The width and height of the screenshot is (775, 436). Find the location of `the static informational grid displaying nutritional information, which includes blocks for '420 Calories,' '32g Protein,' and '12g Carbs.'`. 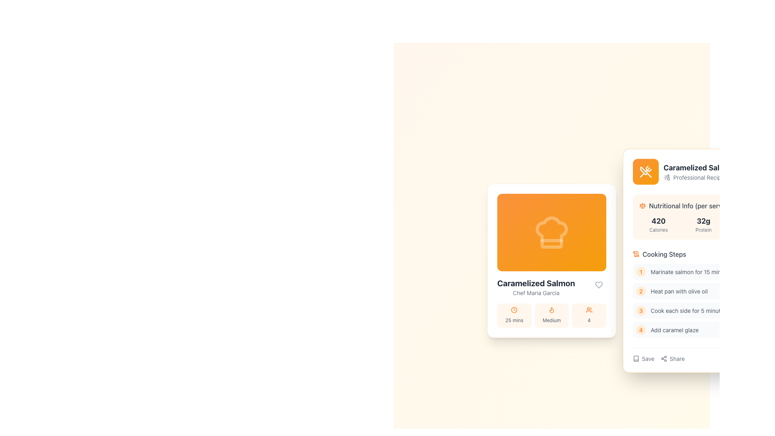

the static informational grid displaying nutritional information, which includes blocks for '420 Calories,' '32g Protein,' and '12g Carbs.' is located at coordinates (703, 224).